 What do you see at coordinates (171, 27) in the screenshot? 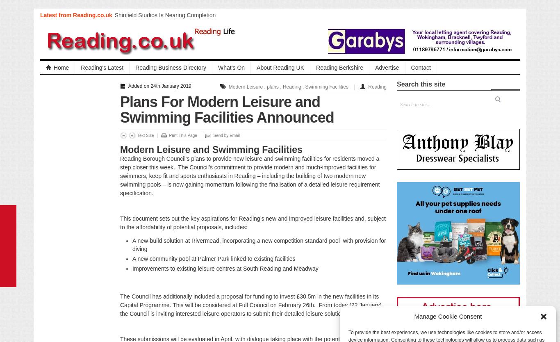
I see `'Royal Visit for Reading’s Abbey Gateway and Ruins'` at bounding box center [171, 27].